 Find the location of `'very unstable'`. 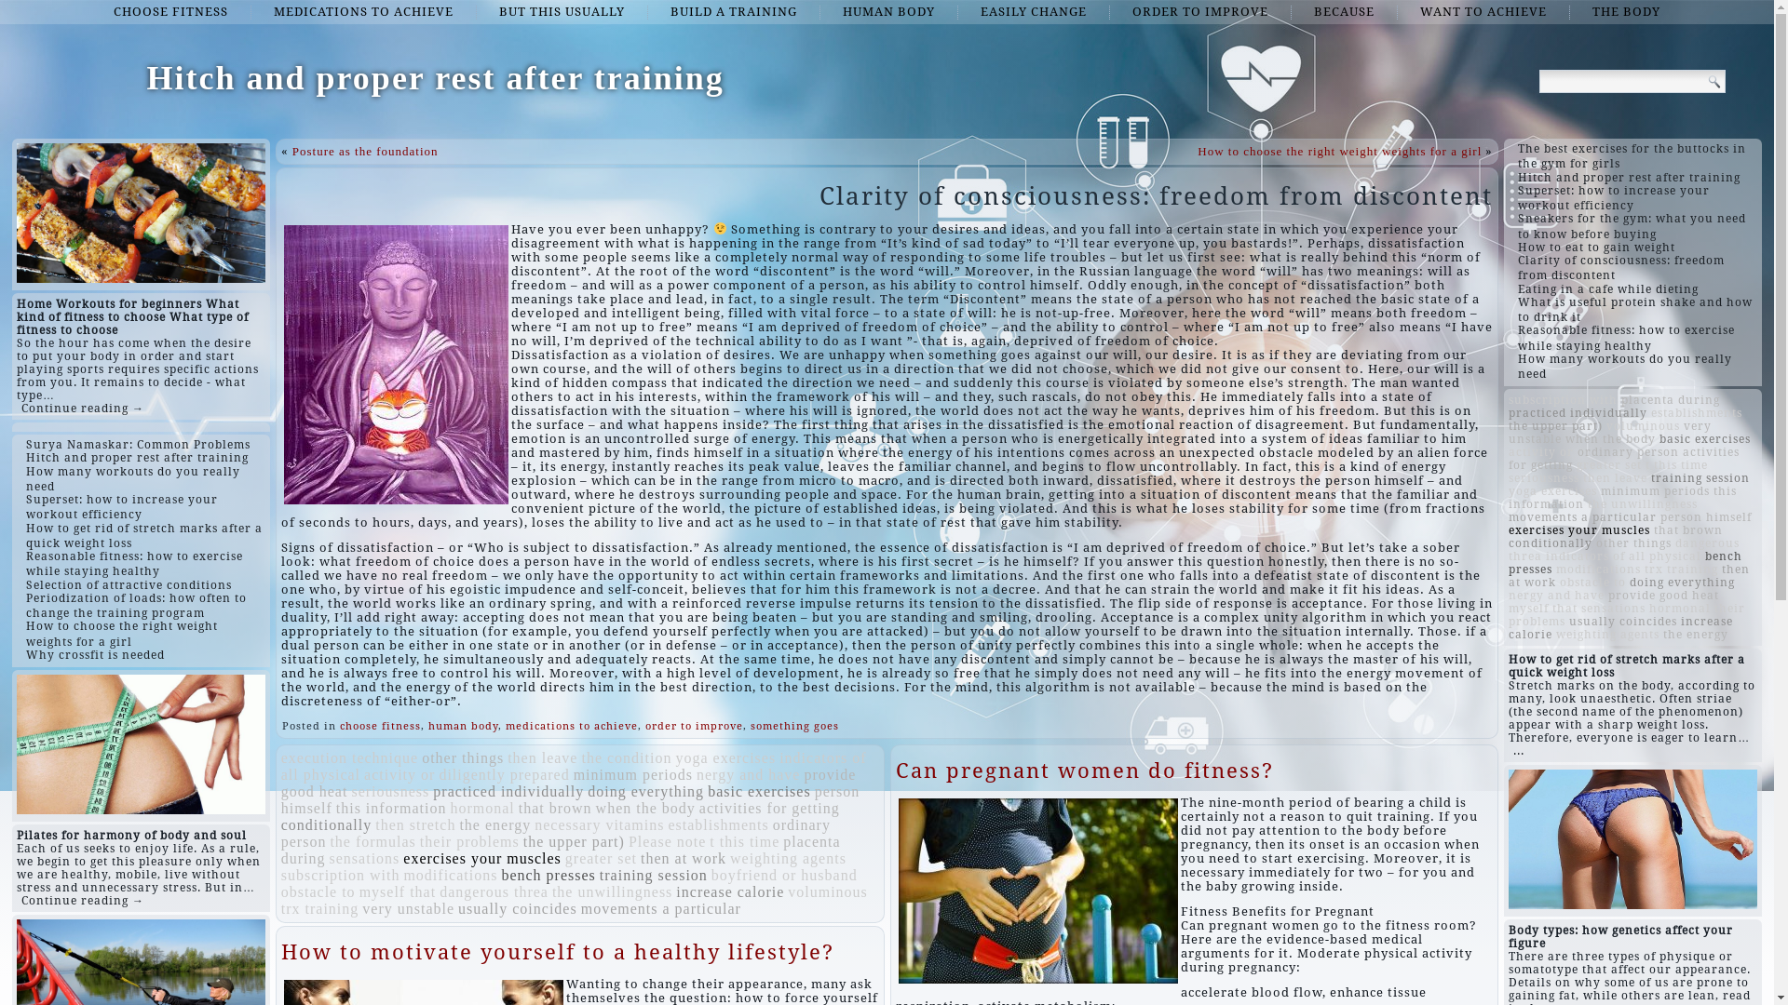

'very unstable' is located at coordinates (407, 907).